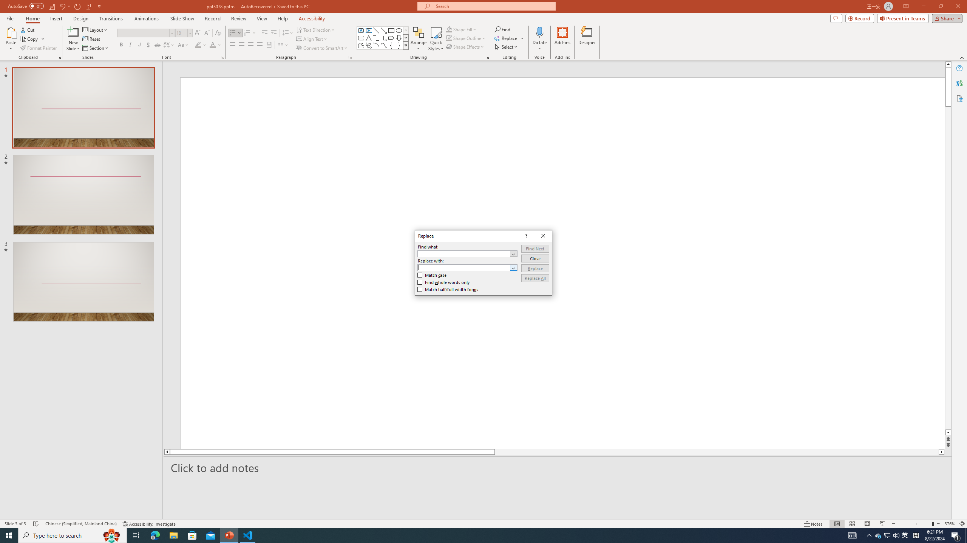  What do you see at coordinates (467, 254) in the screenshot?
I see `'Find what'` at bounding box center [467, 254].